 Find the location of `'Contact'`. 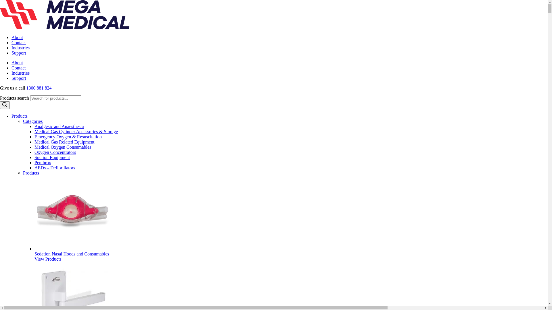

'Contact' is located at coordinates (19, 67).